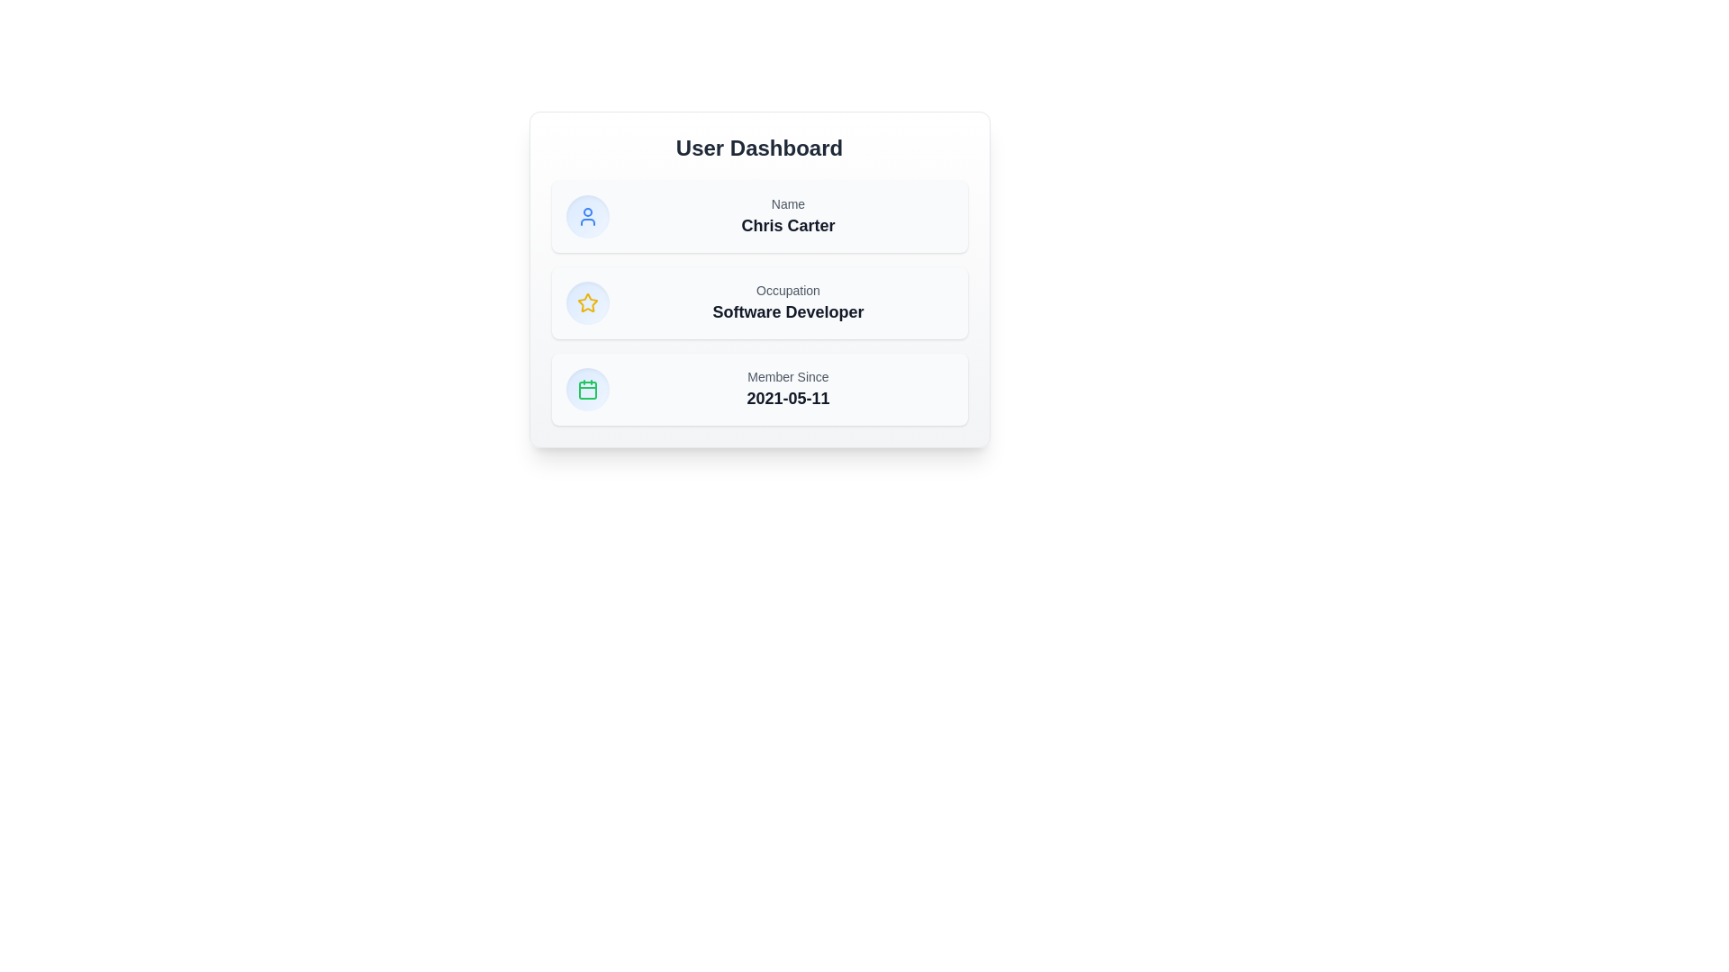 The width and height of the screenshot is (1729, 972). I want to click on displayed name 'Chris Carter' from the text display located in the User Dashboard UI card, which features the smaller grayed text 'Name' above it, so click(788, 215).